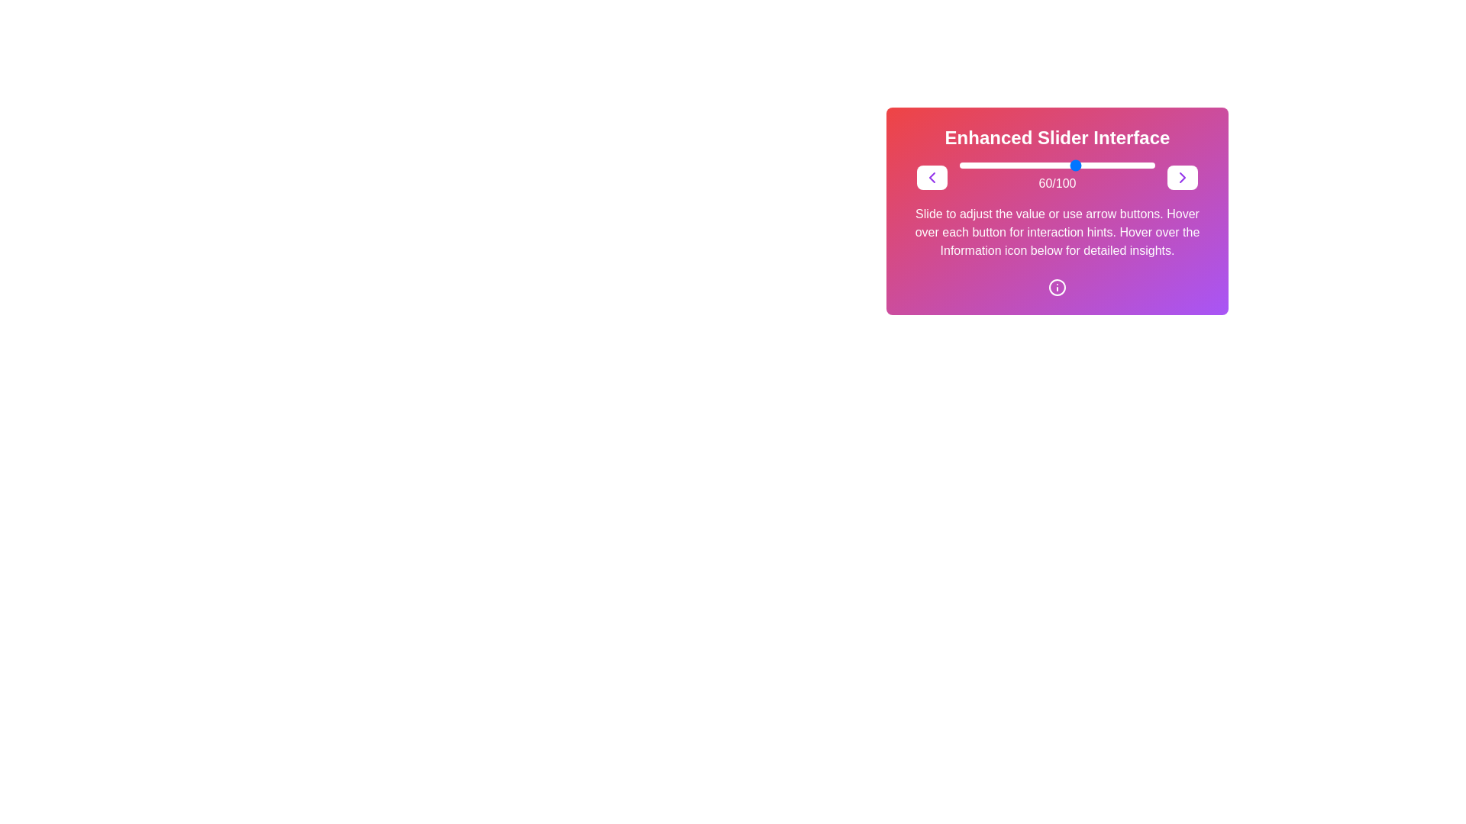 The width and height of the screenshot is (1466, 824). Describe the element at coordinates (1057, 176) in the screenshot. I see `the Value display element located beneath the slider bar, which shows the current value as '60/100'` at that location.